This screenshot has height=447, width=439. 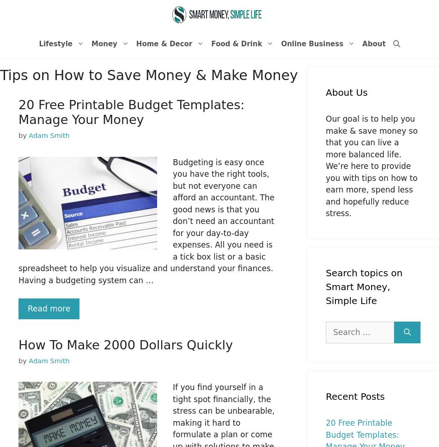 What do you see at coordinates (164, 43) in the screenshot?
I see `'Home & Decor'` at bounding box center [164, 43].